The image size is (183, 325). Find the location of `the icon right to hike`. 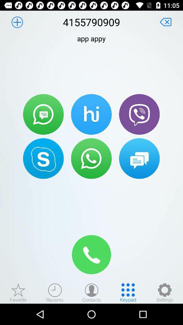

the icon right to hike is located at coordinates (139, 114).